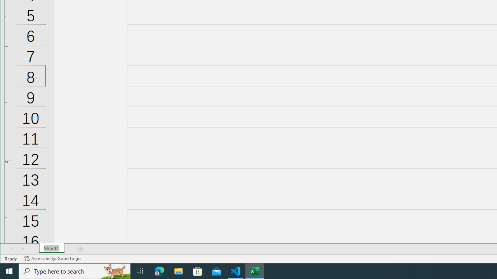 The height and width of the screenshot is (279, 497). Describe the element at coordinates (12, 248) in the screenshot. I see `'Scroll Left'` at that location.